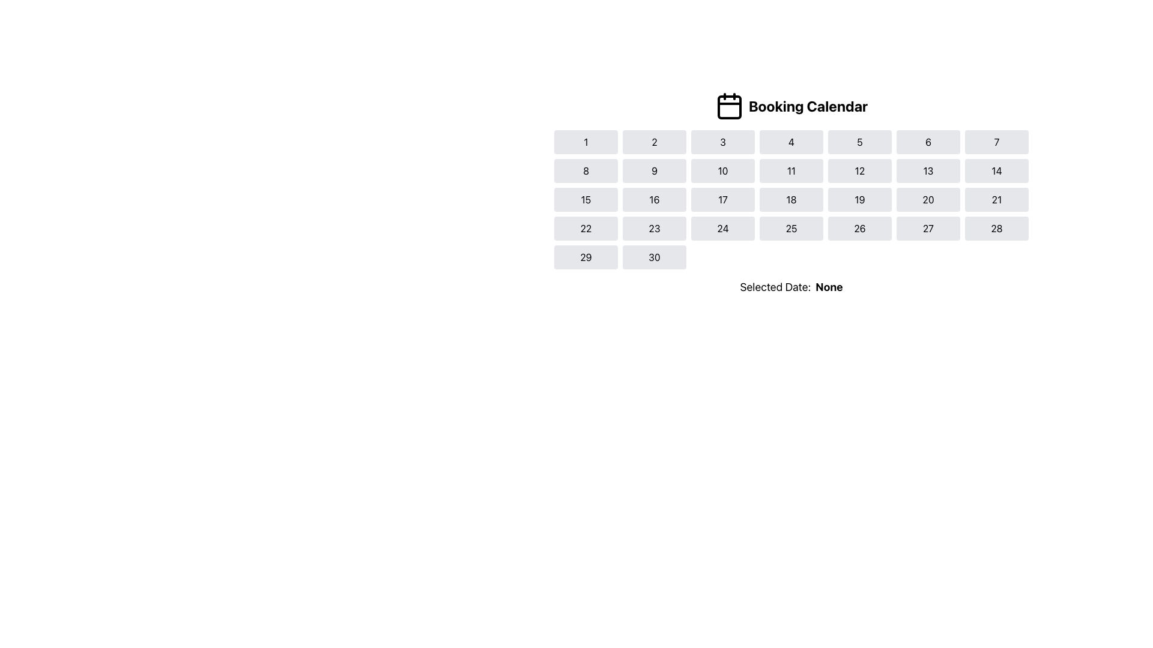 Image resolution: width=1153 pixels, height=648 pixels. Describe the element at coordinates (859, 229) in the screenshot. I see `the date selection button for '26' in the calendar grid located below the 'Booking Calendar' header` at that location.